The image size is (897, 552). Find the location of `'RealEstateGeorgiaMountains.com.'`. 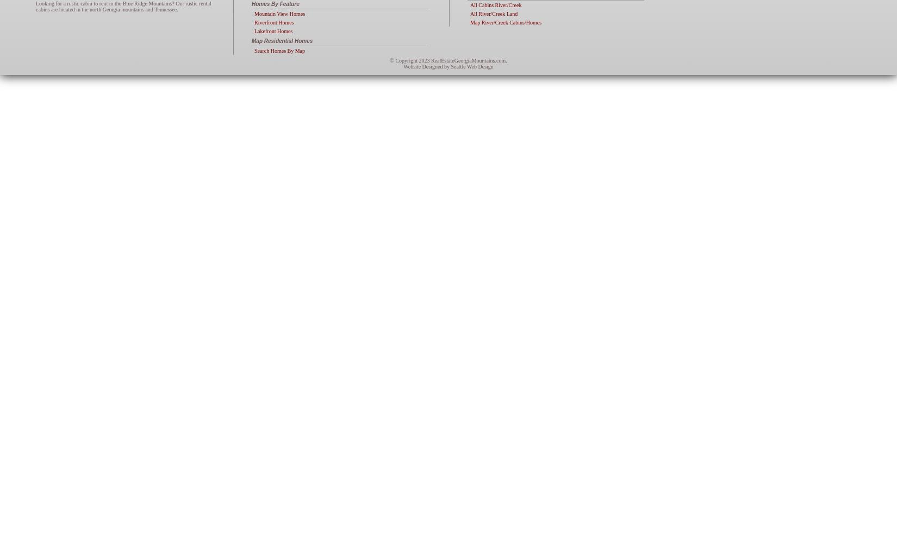

'RealEstateGeorgiaMountains.com.' is located at coordinates (429, 60).